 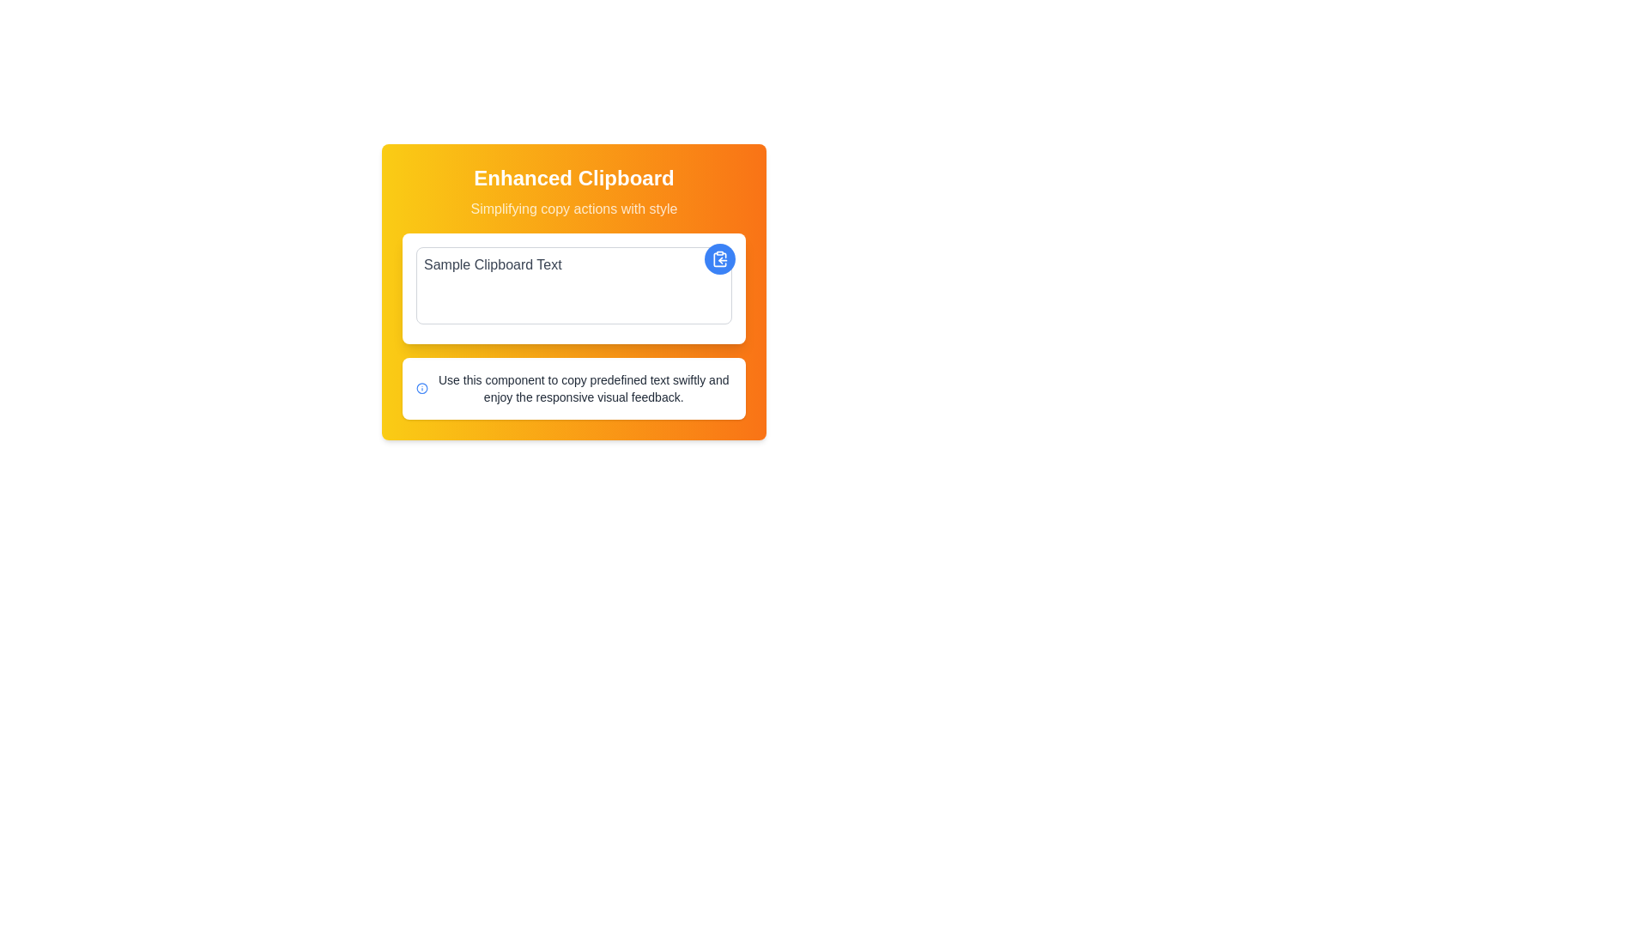 What do you see at coordinates (720, 258) in the screenshot?
I see `the circular blue button with a white clipboard icon located at the top-right corner of the clipboard text input box to trigger a tooltip or visual feedback` at bounding box center [720, 258].